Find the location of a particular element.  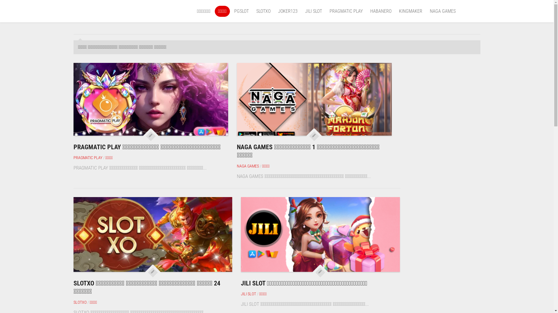

'PGSLOT' is located at coordinates (241, 11).